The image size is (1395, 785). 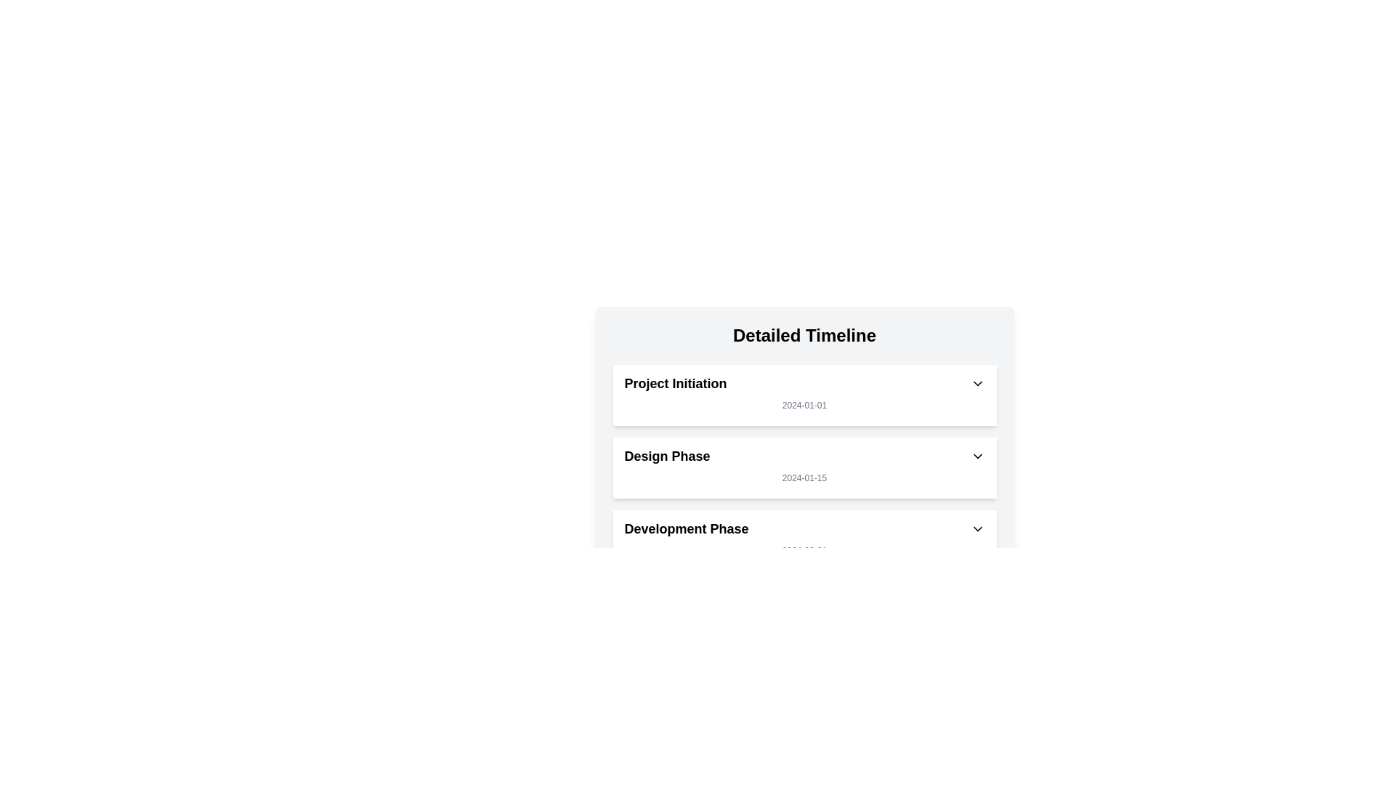 What do you see at coordinates (977, 383) in the screenshot?
I see `the dropdown toggle button located on the rightmost side of the 'Project Initiation' section header` at bounding box center [977, 383].